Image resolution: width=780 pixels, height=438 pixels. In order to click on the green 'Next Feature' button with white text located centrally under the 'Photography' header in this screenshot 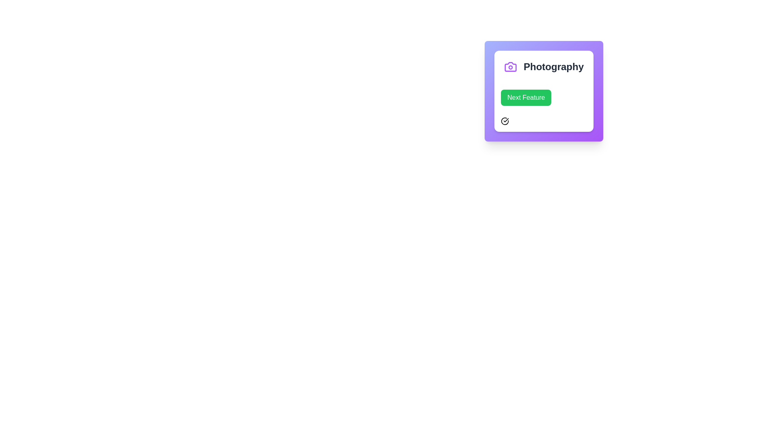, I will do `click(526, 97)`.